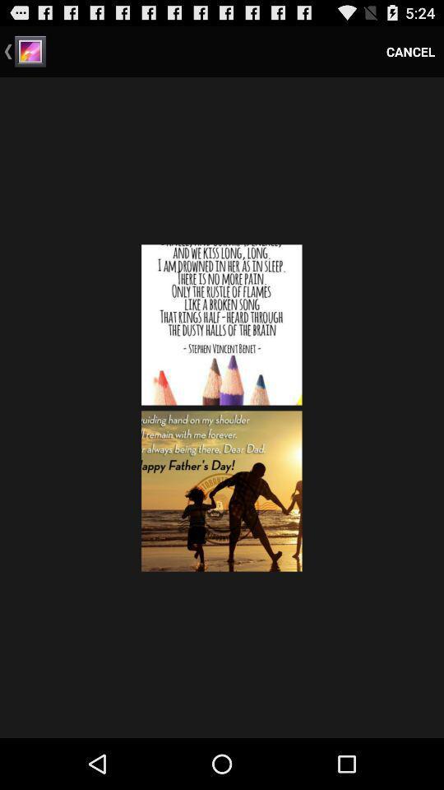 Image resolution: width=444 pixels, height=790 pixels. What do you see at coordinates (409, 51) in the screenshot?
I see `the icon at the top right corner` at bounding box center [409, 51].